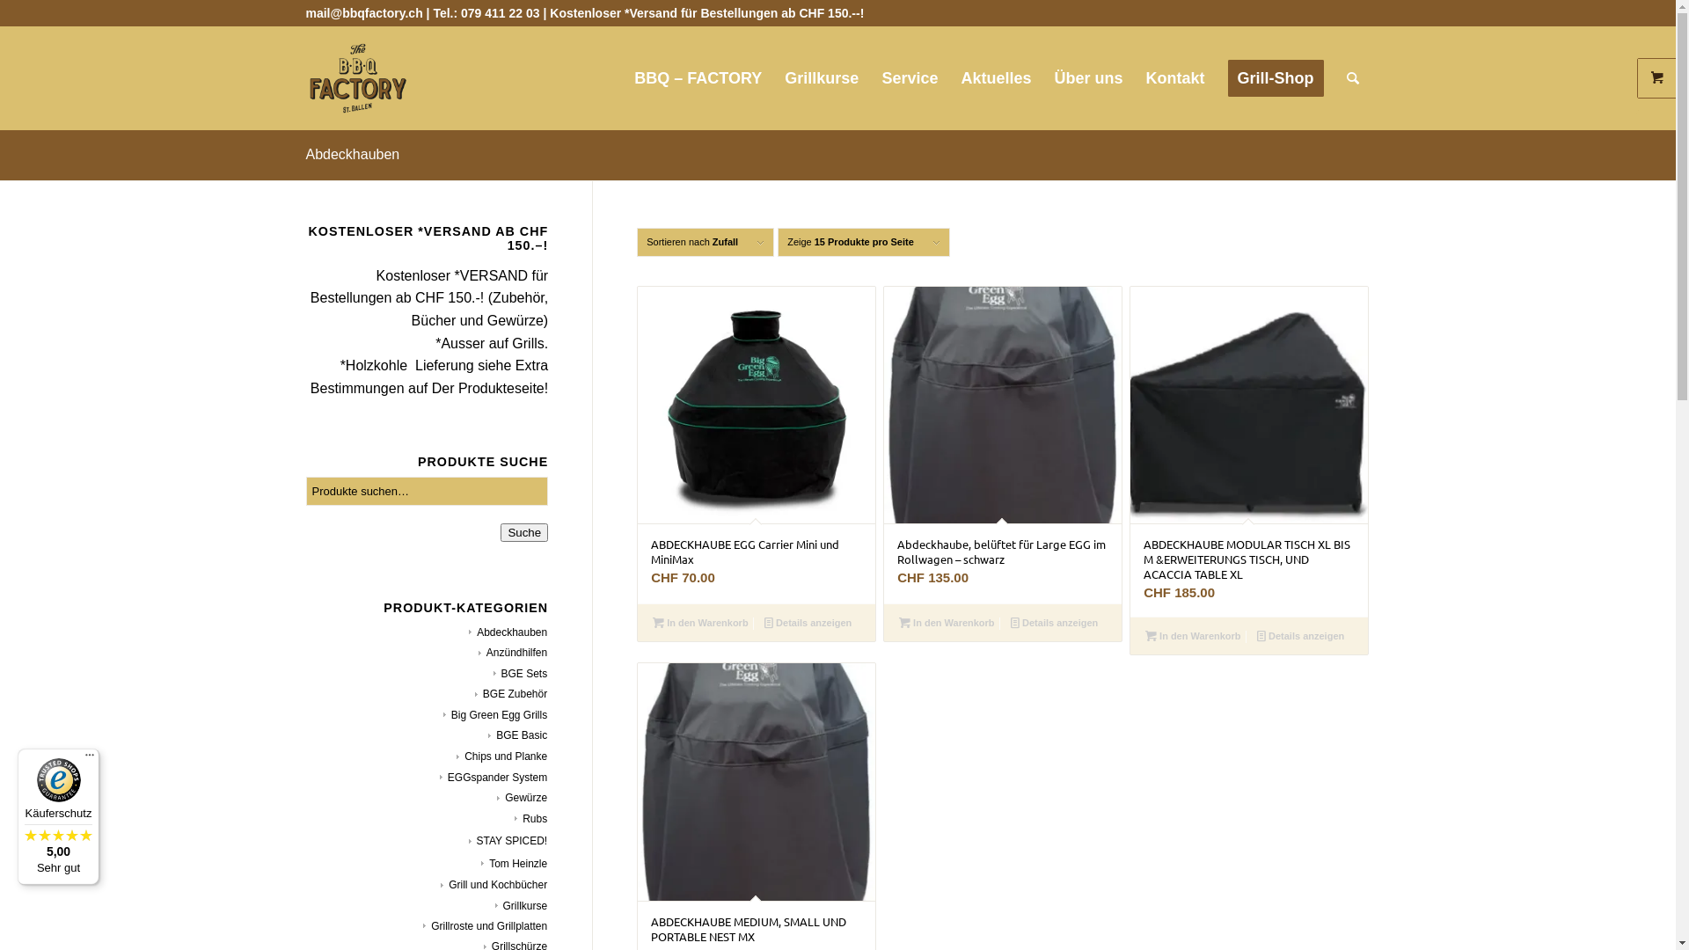  I want to click on 'Suche', so click(523, 531).